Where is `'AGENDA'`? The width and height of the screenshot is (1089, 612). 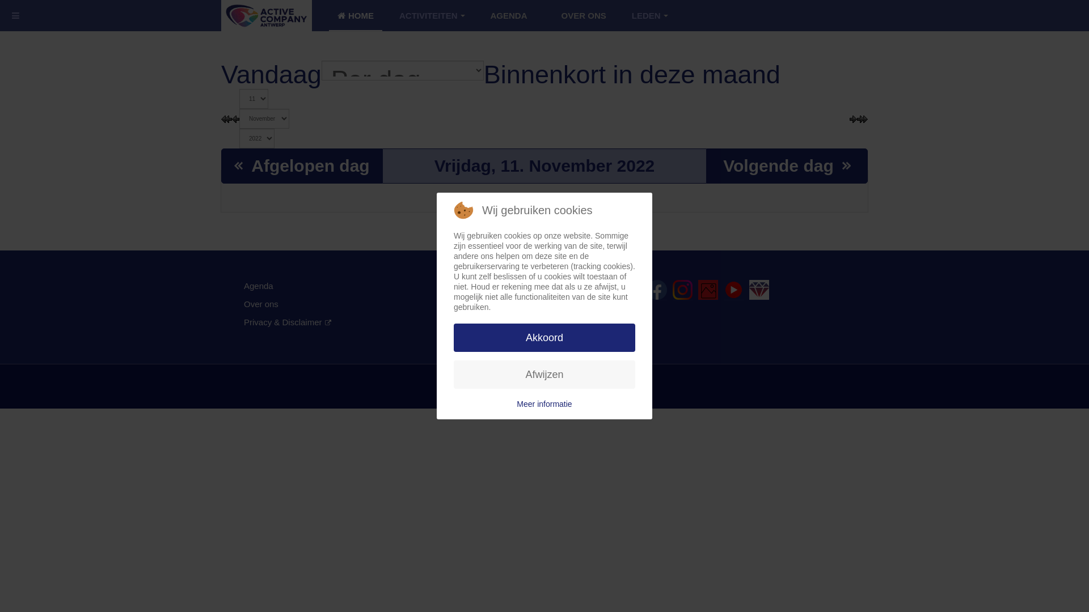
'AGENDA' is located at coordinates (508, 15).